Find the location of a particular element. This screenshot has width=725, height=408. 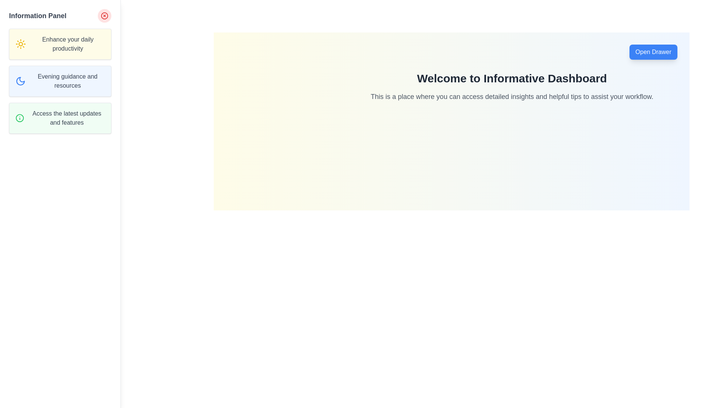

the centered circular part of the third icon in the Information Panel section, which is a decorative element of the informational button is located at coordinates (20, 118).